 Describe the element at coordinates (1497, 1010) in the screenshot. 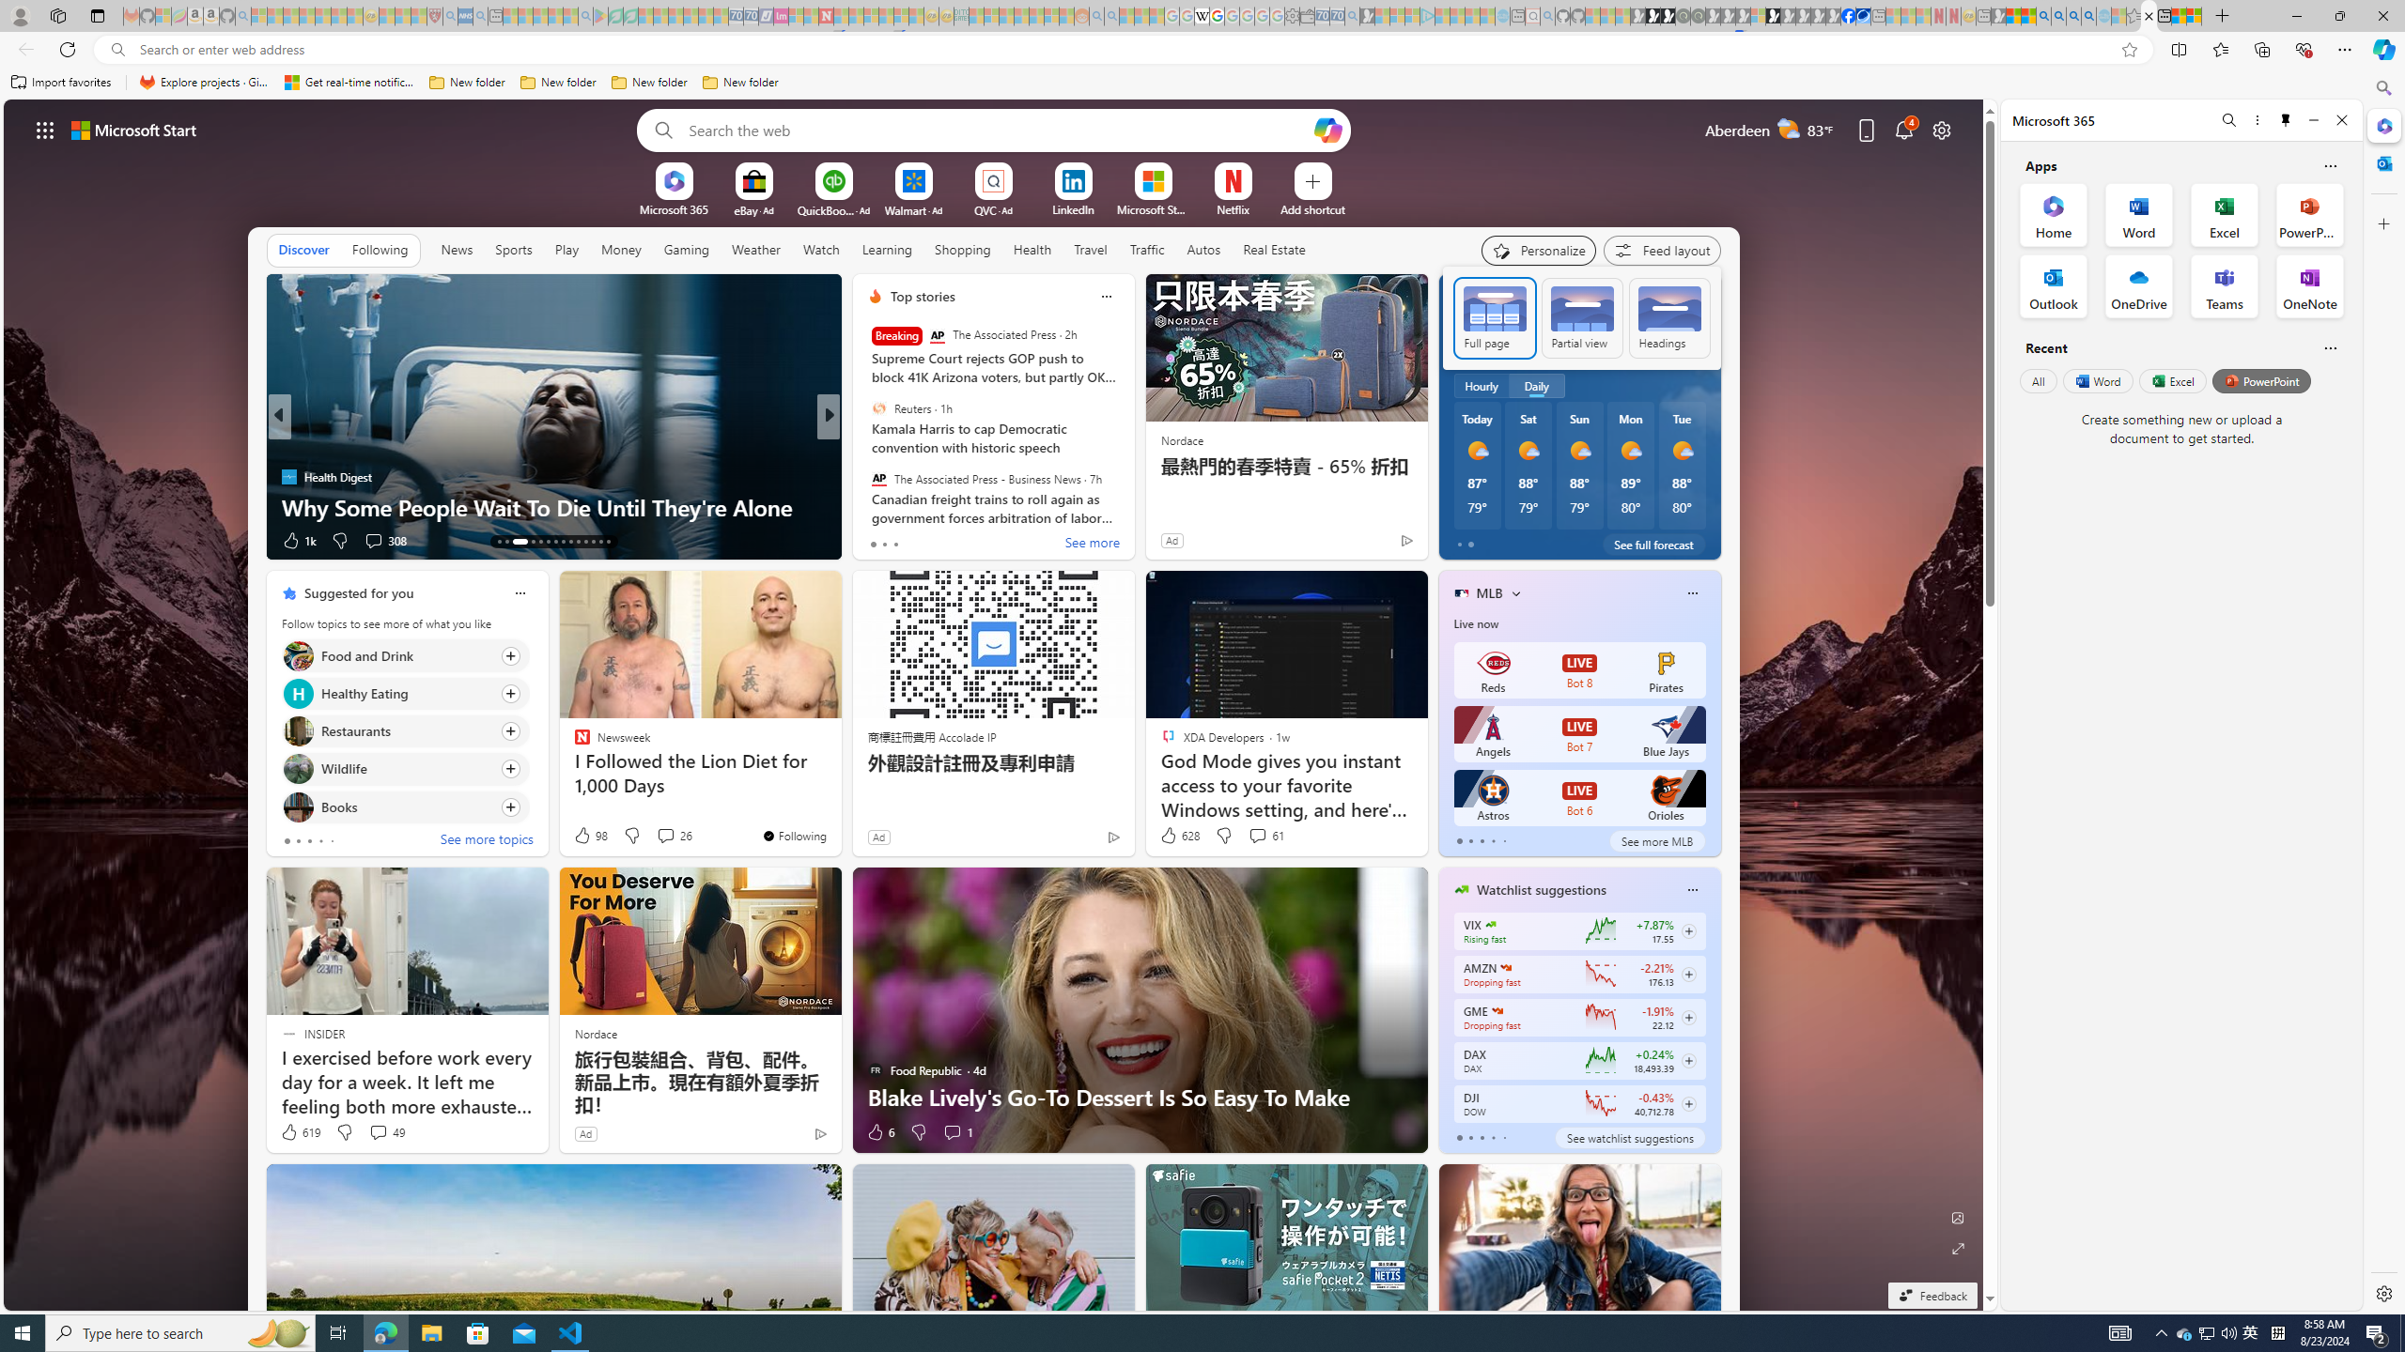

I see `'GAMESTOP CORP.'` at that location.